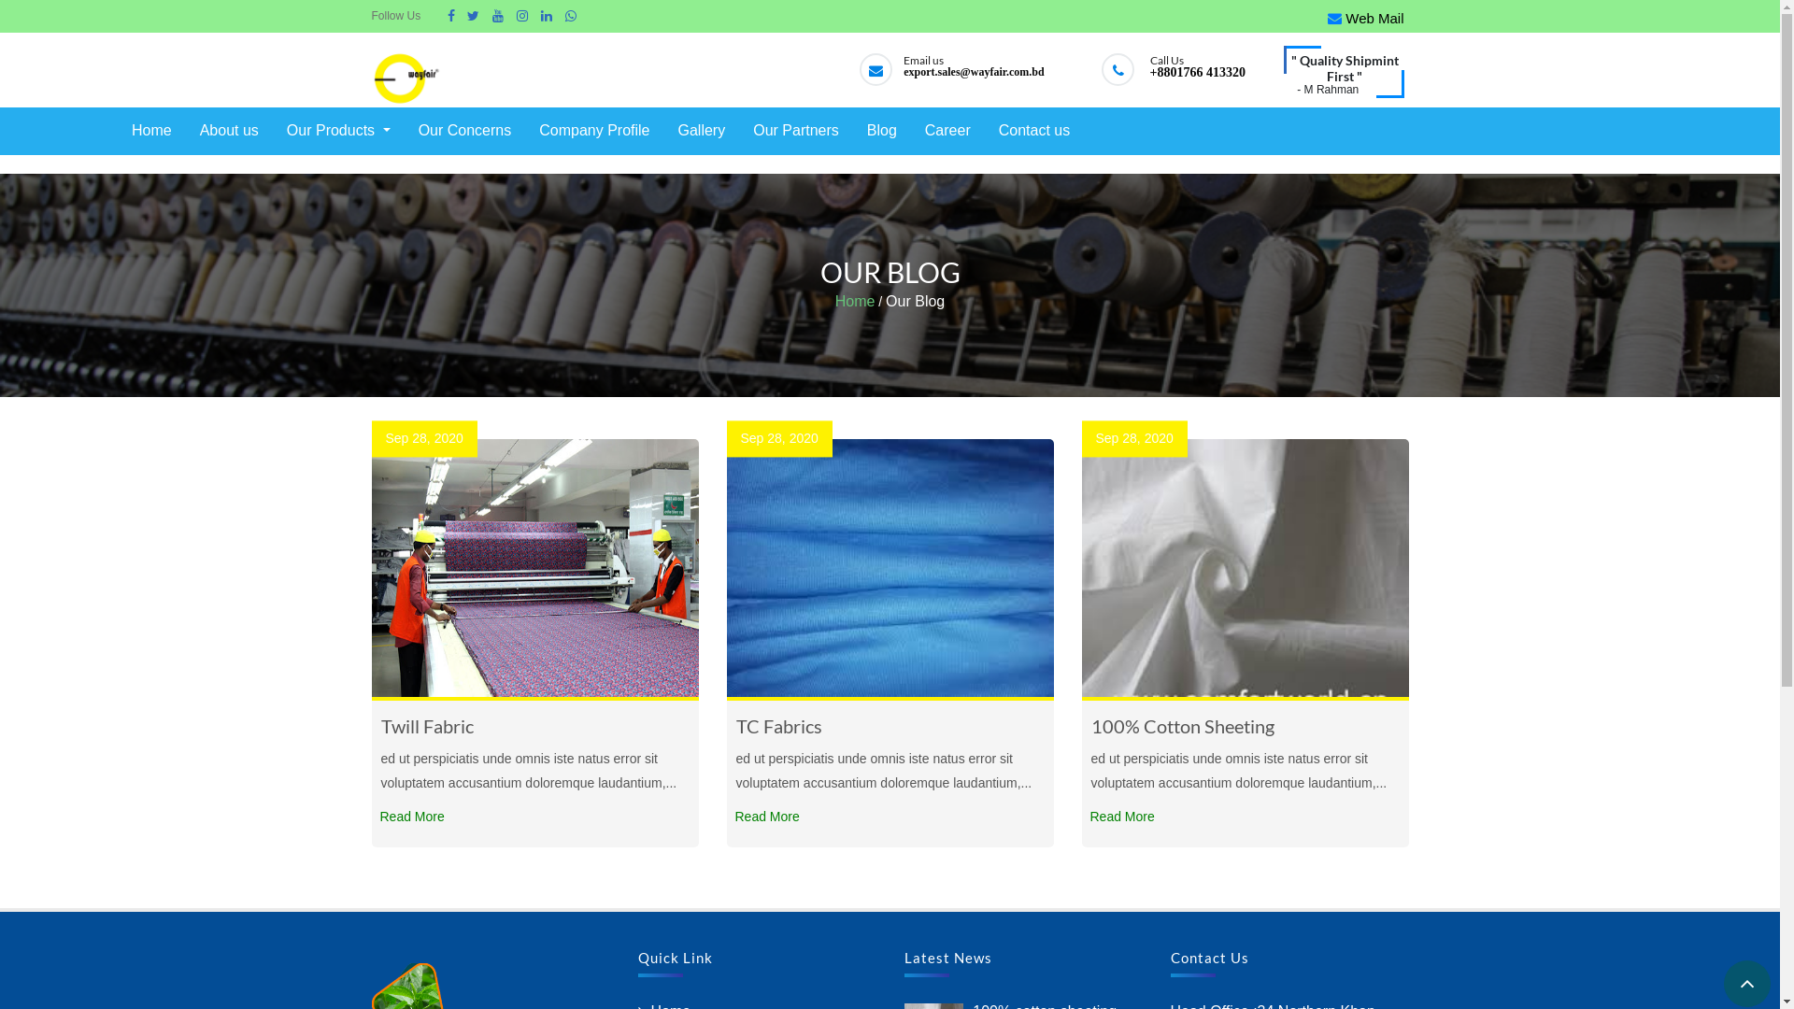  Describe the element at coordinates (592, 130) in the screenshot. I see `'Company Profile'` at that location.